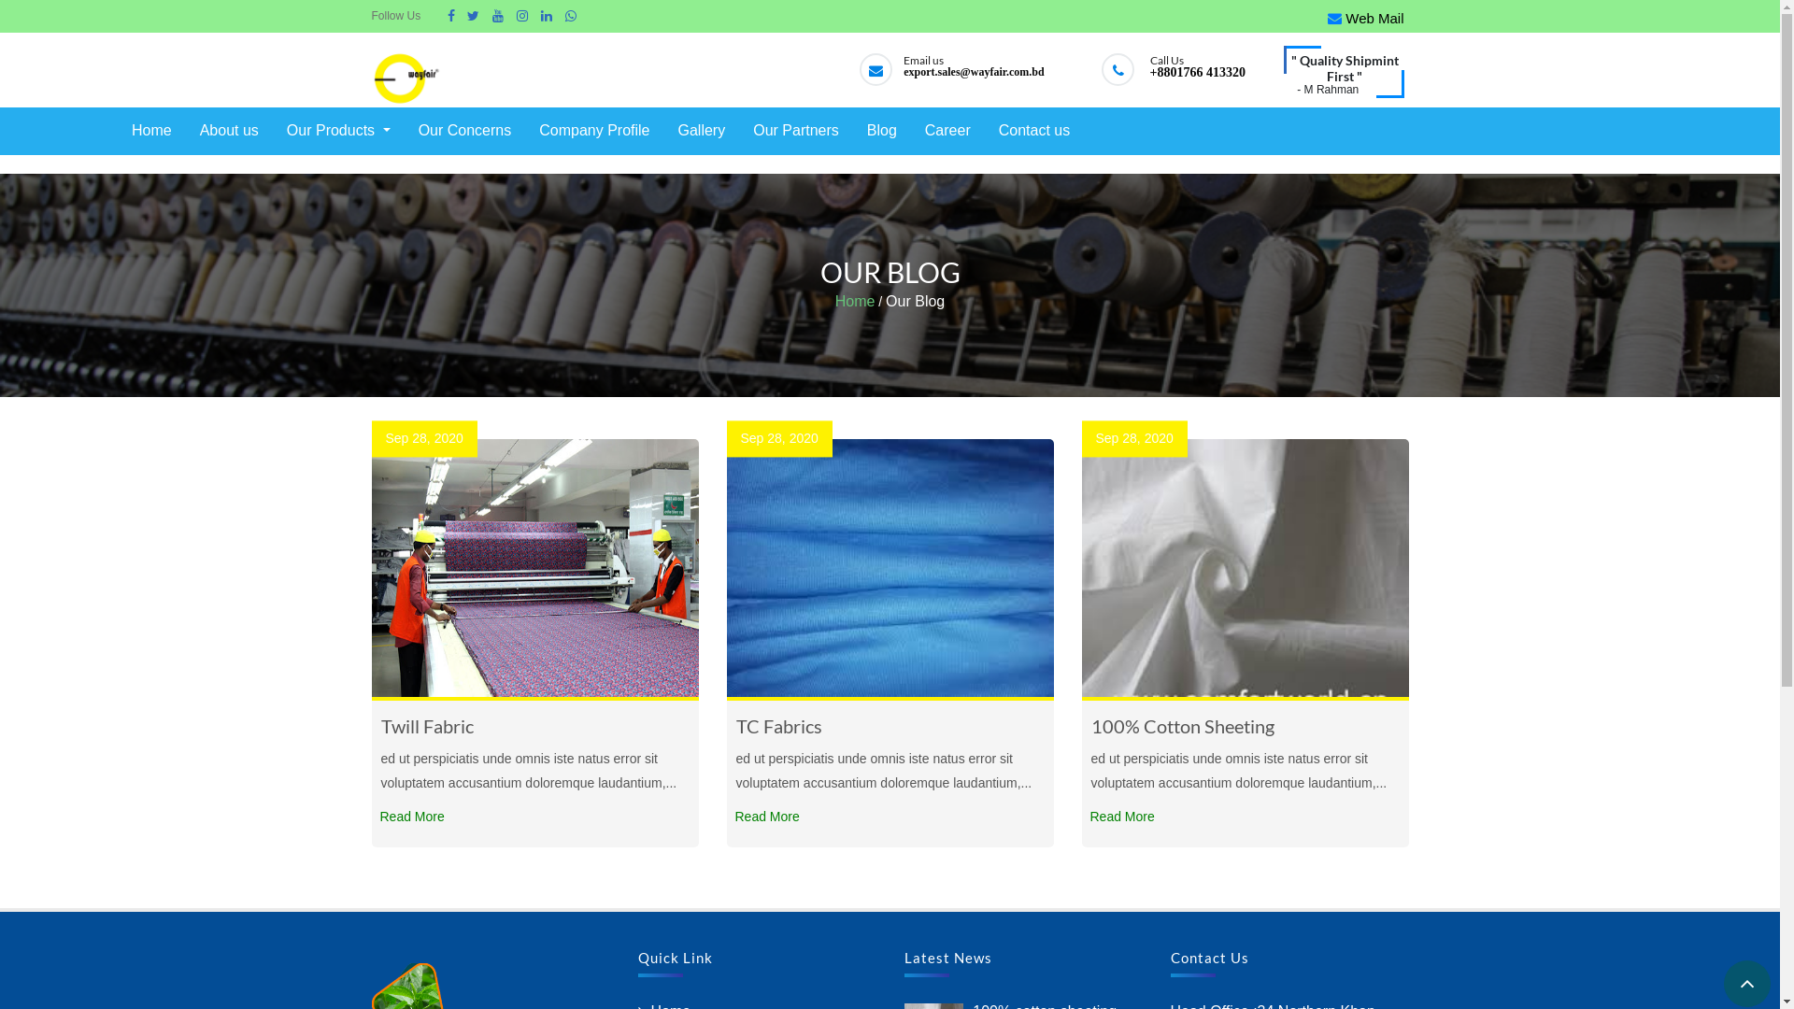  Describe the element at coordinates (592, 130) in the screenshot. I see `'Company Profile'` at that location.